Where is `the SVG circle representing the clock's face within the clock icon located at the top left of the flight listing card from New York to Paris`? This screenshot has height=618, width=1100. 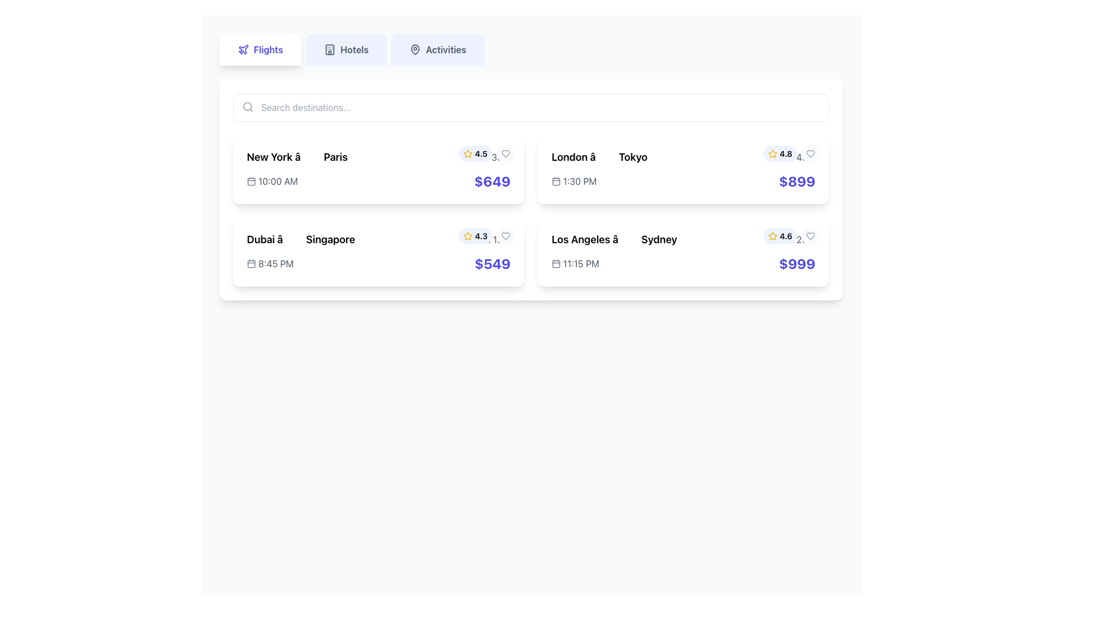 the SVG circle representing the clock's face within the clock icon located at the top left of the flight listing card from New York to Paris is located at coordinates (472, 157).